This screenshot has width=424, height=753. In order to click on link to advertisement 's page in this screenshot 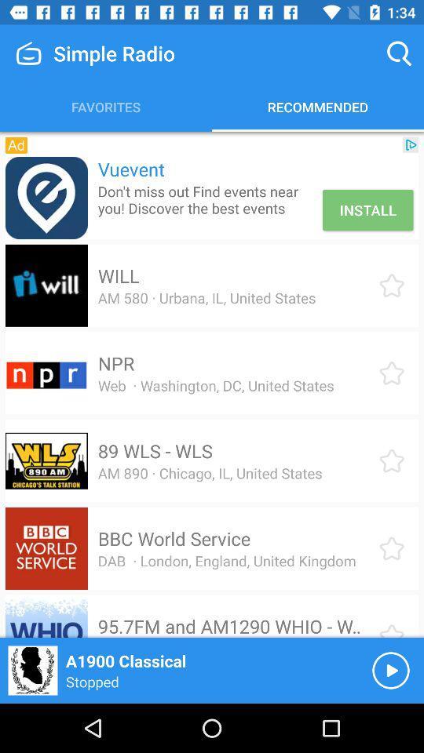, I will do `click(46, 197)`.